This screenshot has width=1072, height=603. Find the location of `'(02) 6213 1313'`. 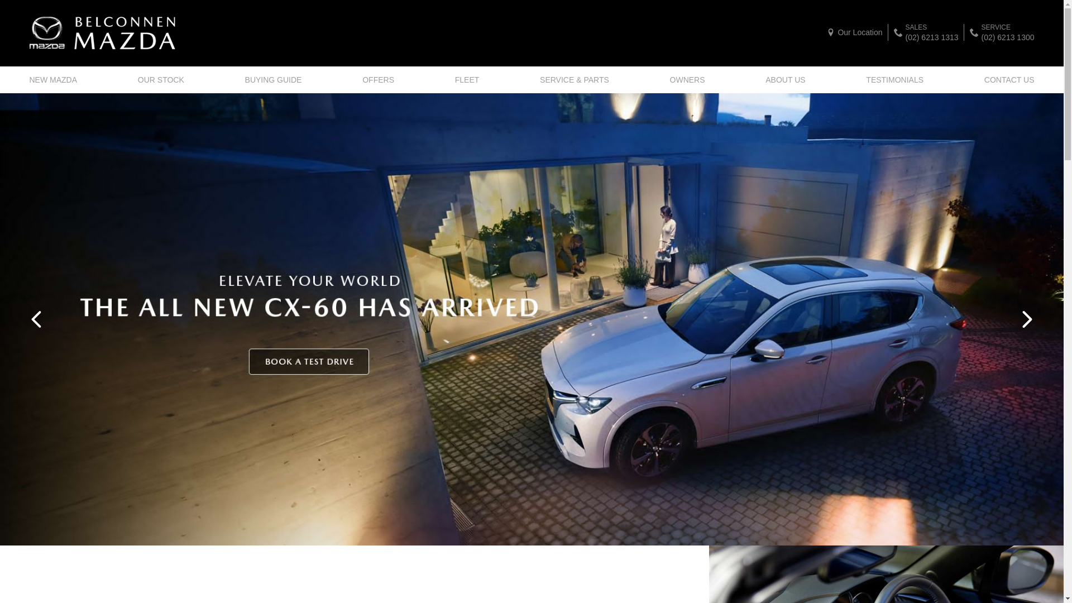

'(02) 6213 1313' is located at coordinates (932, 36).